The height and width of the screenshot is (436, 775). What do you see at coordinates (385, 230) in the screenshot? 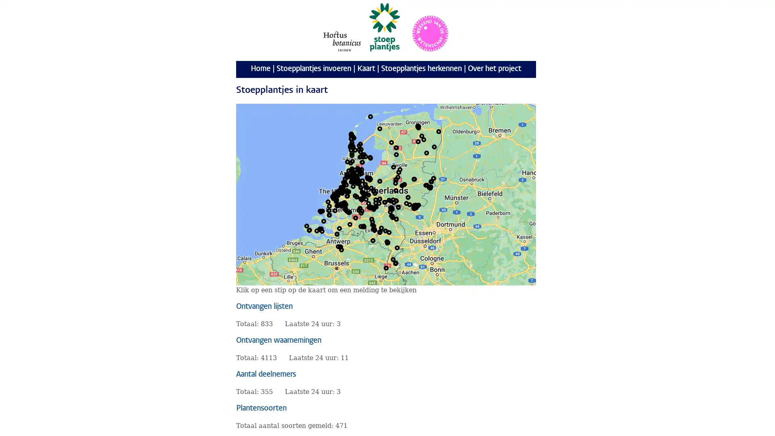
I see `Telling van Marianne van Rooden op 17 oktober 2021` at bounding box center [385, 230].